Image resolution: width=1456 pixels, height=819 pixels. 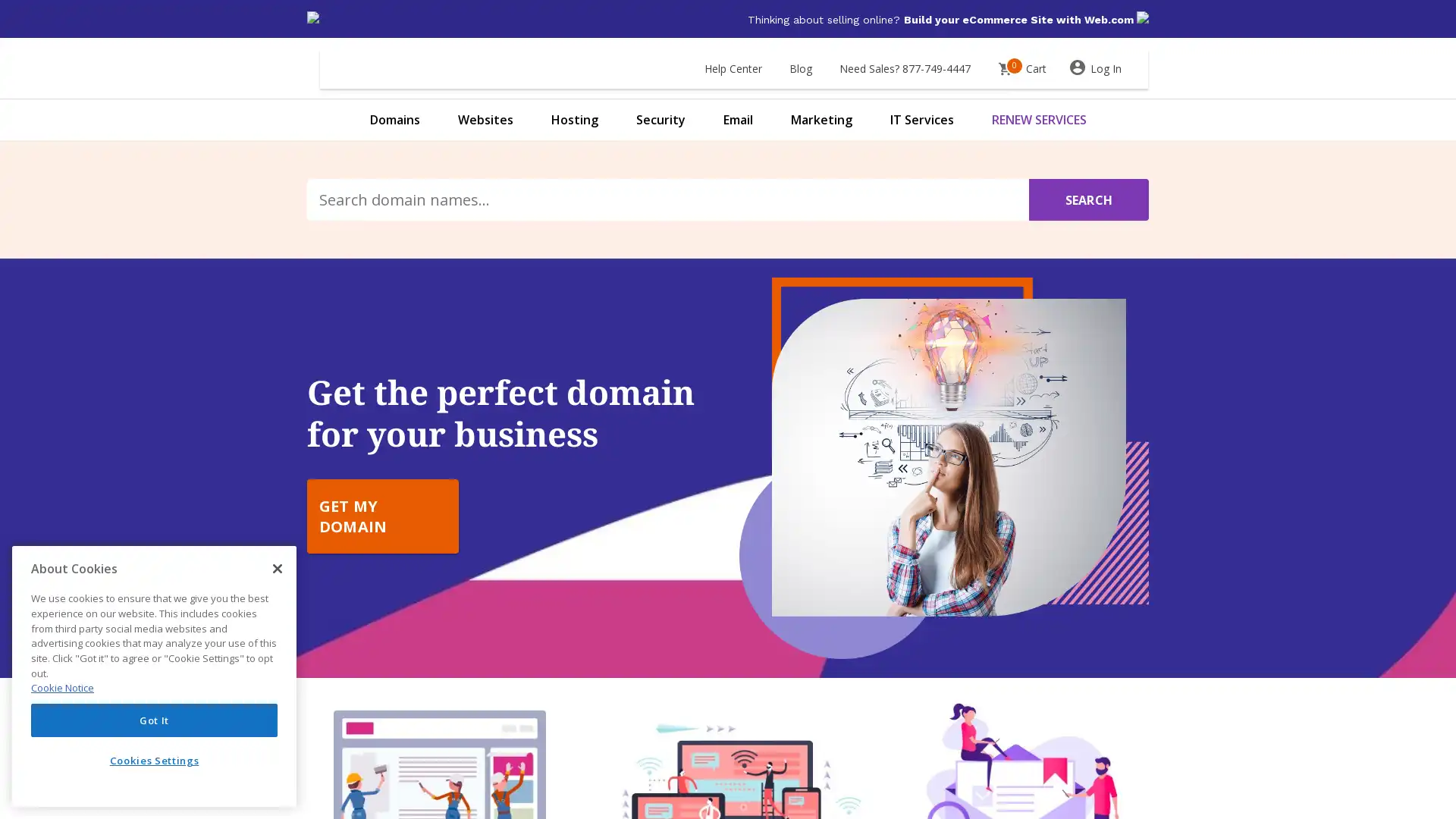 What do you see at coordinates (1087, 199) in the screenshot?
I see `SEARCH` at bounding box center [1087, 199].